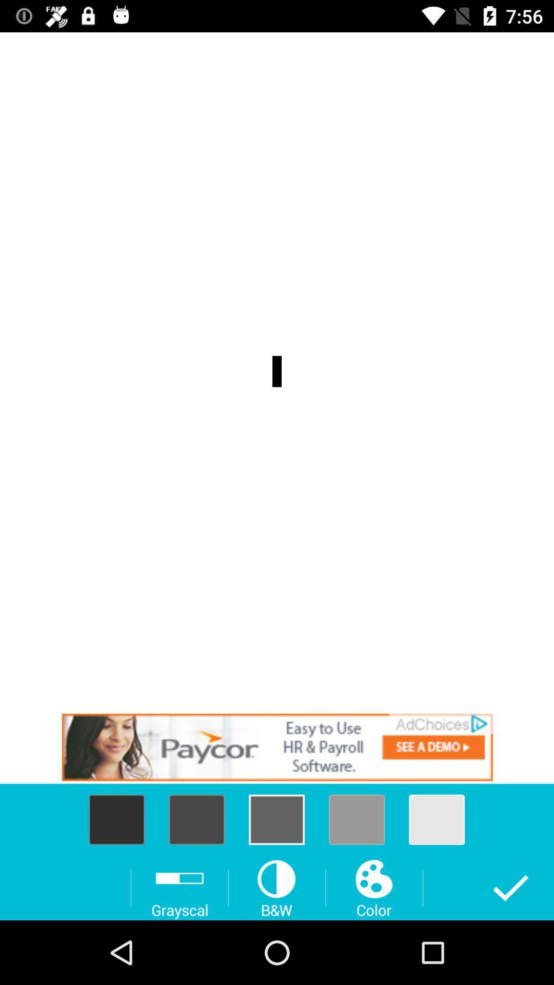 This screenshot has width=554, height=985. I want to click on the check icon, so click(510, 888).